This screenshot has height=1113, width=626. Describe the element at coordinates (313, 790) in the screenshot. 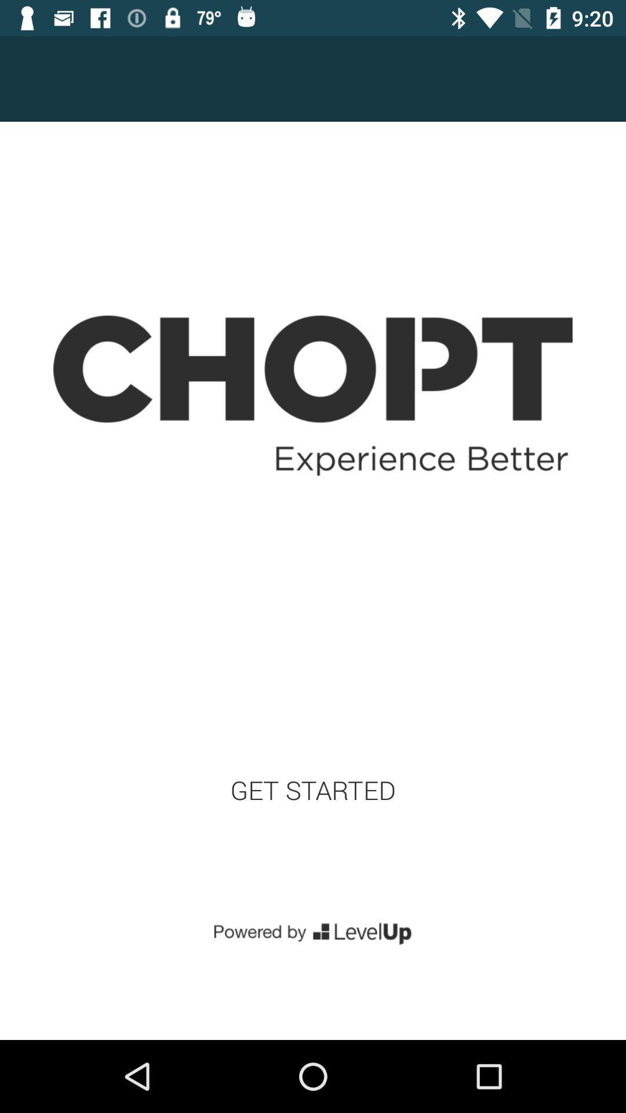

I see `get started icon` at that location.